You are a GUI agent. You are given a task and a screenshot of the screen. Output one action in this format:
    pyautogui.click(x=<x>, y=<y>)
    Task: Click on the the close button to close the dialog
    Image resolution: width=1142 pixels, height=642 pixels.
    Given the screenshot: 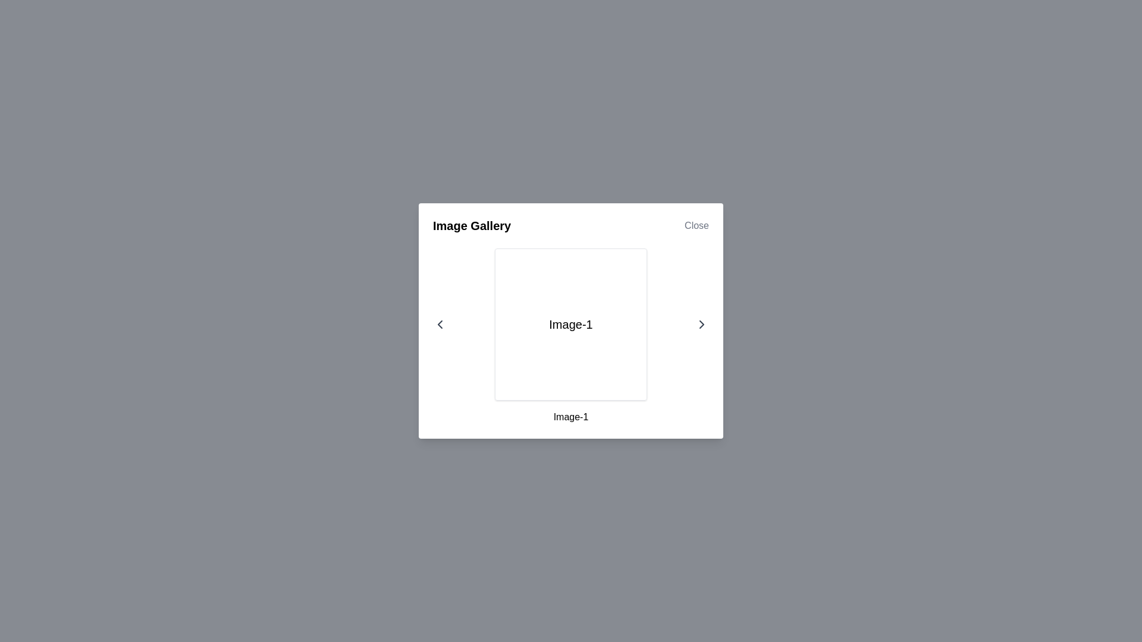 What is the action you would take?
    pyautogui.click(x=697, y=226)
    